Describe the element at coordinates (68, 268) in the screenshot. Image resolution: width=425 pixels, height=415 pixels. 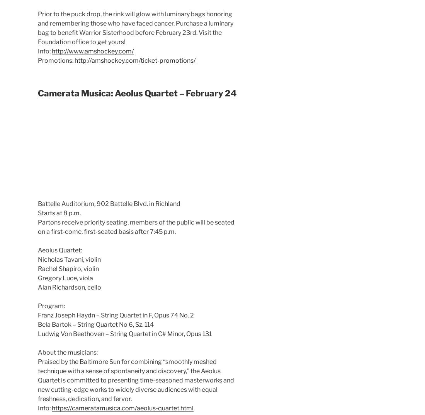
I see `'Rachel Shapiro, violin'` at that location.